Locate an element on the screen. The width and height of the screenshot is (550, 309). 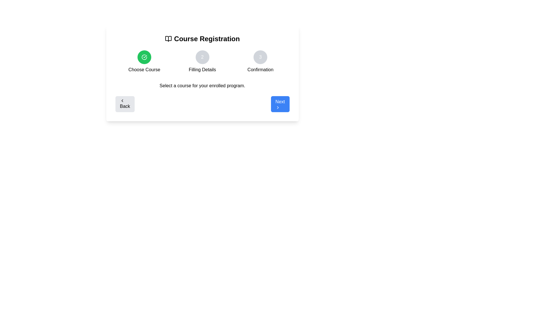
the third step indicator labeled 'Confirmation' in the multi-step process, located on the far right of the sequence is located at coordinates (260, 62).